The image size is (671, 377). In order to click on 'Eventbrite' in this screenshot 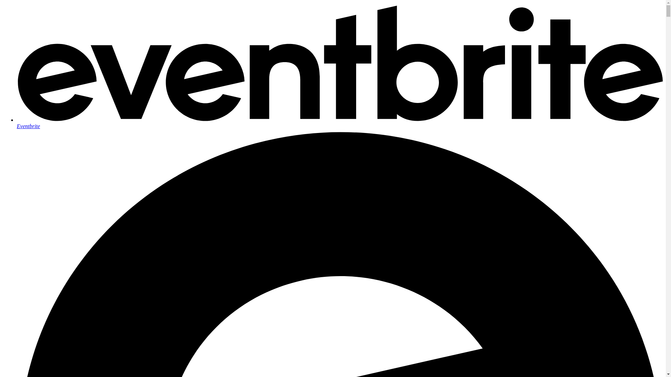, I will do `click(340, 123)`.